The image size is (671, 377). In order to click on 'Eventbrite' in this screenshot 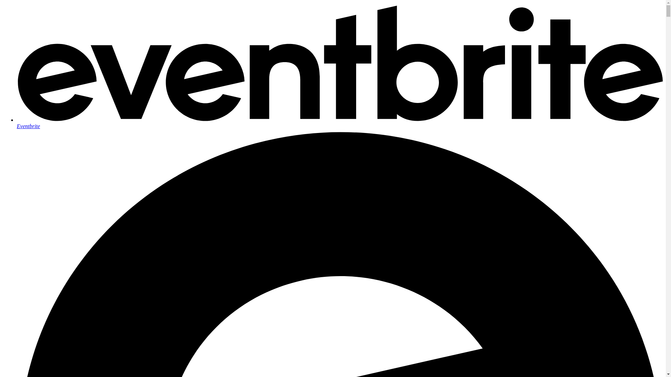, I will do `click(340, 123)`.